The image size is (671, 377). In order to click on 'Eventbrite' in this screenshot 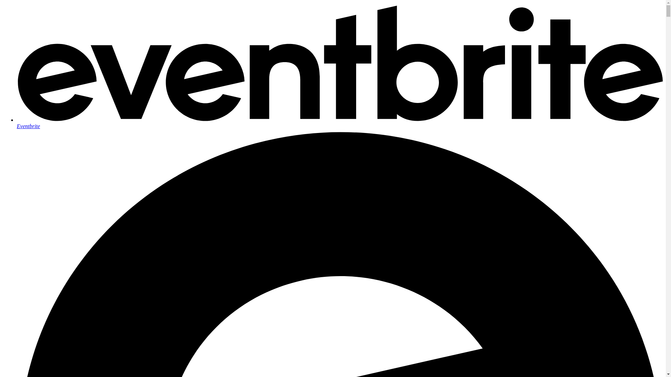, I will do `click(340, 123)`.